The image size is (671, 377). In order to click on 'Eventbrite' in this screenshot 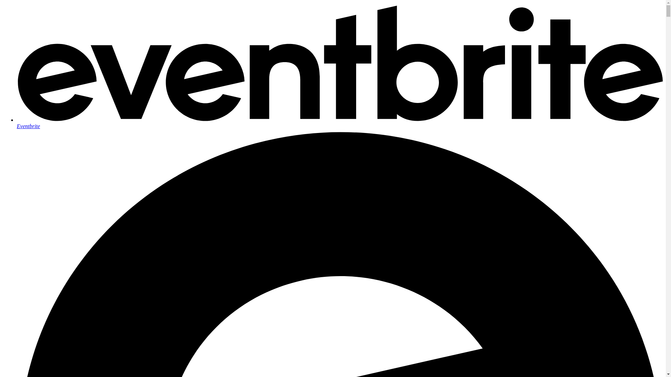, I will do `click(340, 123)`.